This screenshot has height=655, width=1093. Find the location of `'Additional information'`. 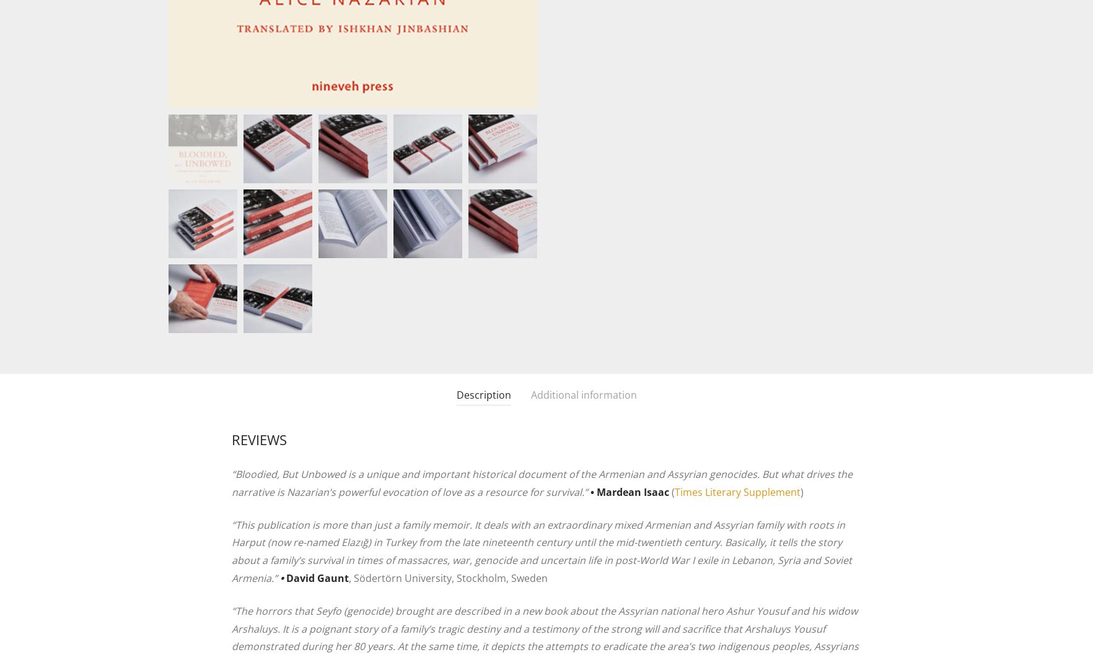

'Additional information' is located at coordinates (582, 394).